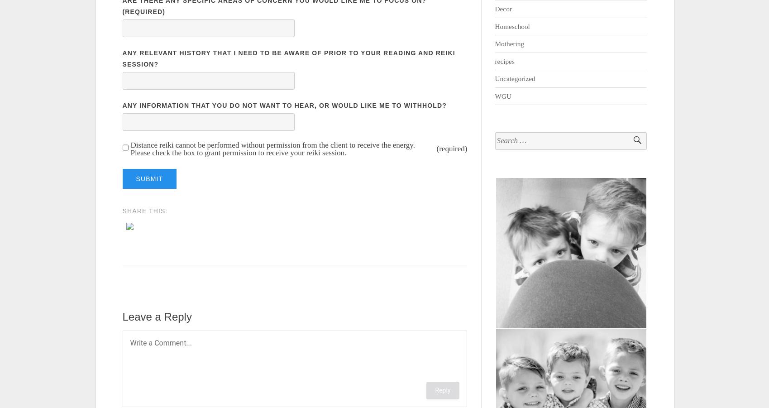 The width and height of the screenshot is (769, 408). I want to click on 'Submit', so click(148, 178).